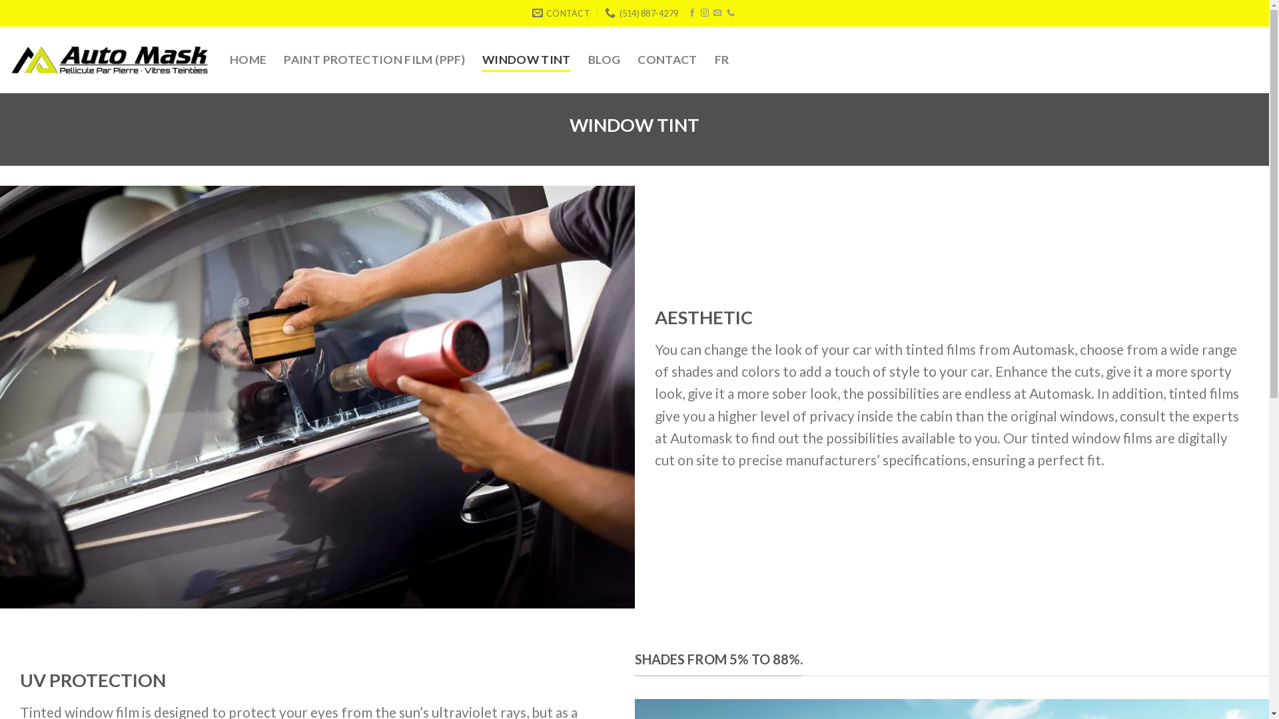  I want to click on 'CONTACT', so click(667, 59).